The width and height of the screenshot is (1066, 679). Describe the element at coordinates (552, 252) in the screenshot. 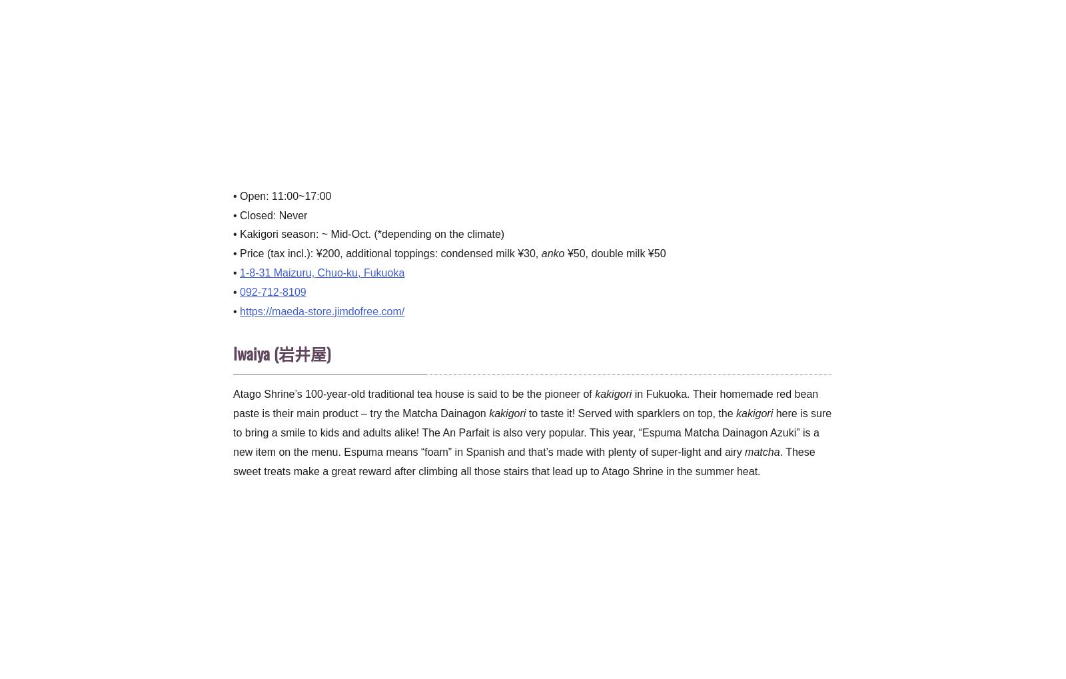

I see `'anko'` at that location.